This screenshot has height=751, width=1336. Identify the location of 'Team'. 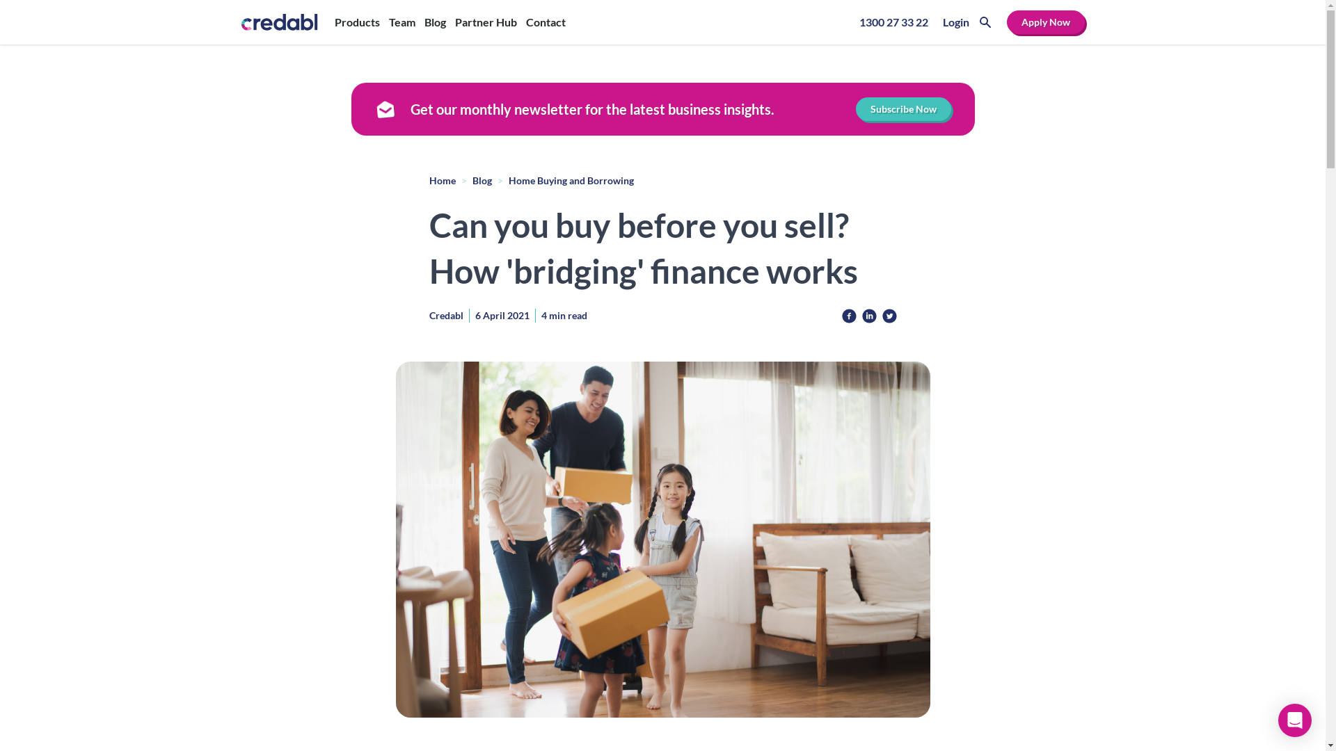
(401, 22).